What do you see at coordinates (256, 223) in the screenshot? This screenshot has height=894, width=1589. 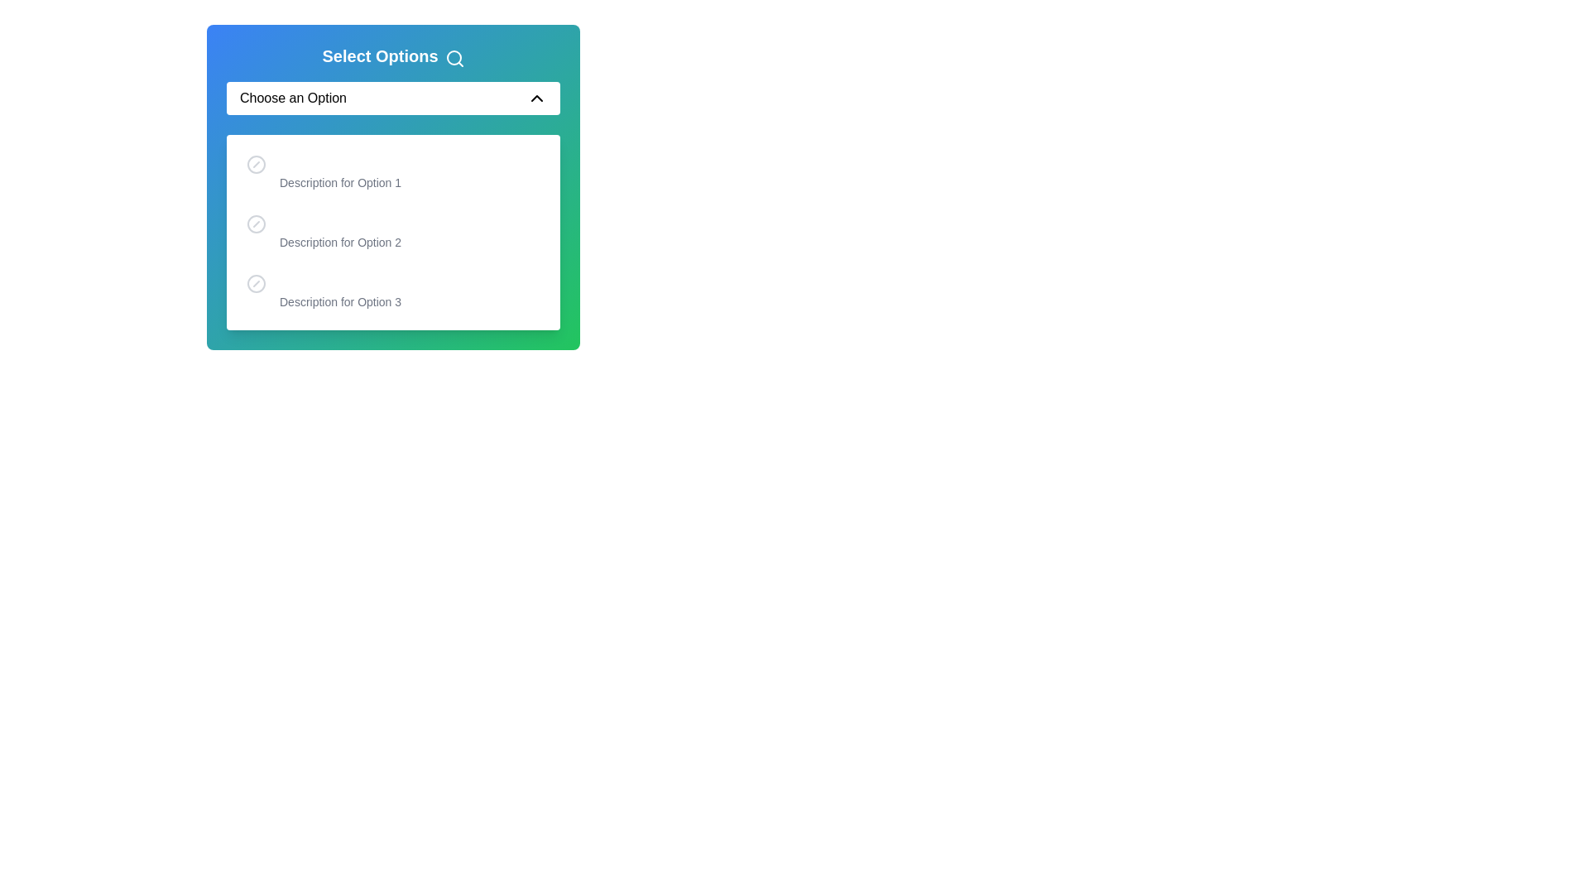 I see `the disabled or restricted state icon located to the left of the label 'Option 2' in the second option of the list` at bounding box center [256, 223].